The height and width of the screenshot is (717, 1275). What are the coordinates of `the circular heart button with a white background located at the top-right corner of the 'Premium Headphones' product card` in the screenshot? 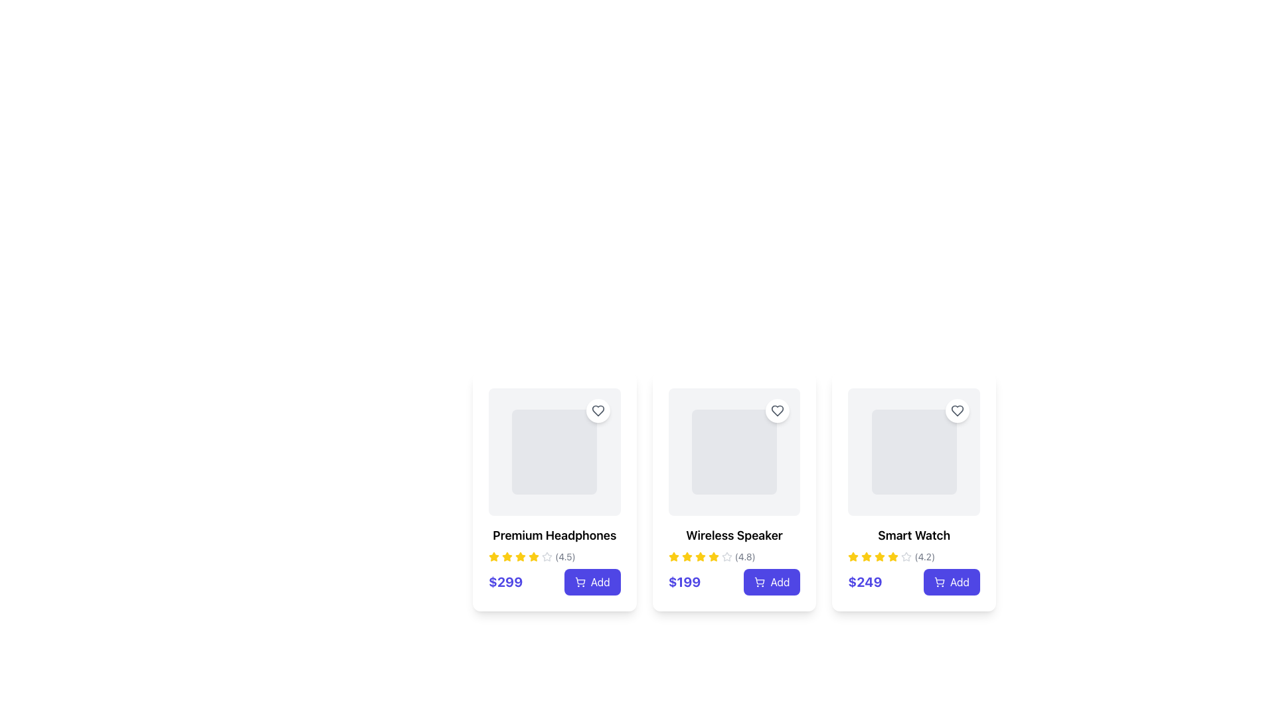 It's located at (597, 410).